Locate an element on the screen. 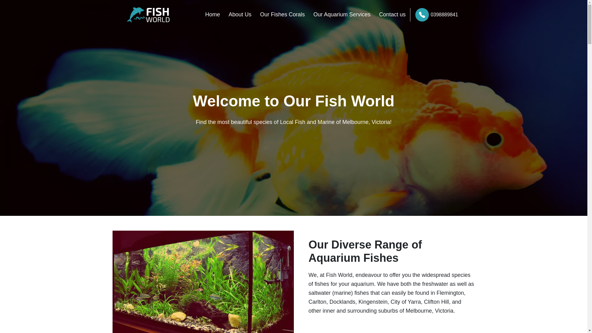 The width and height of the screenshot is (592, 333). 'Our Fishes Corals' is located at coordinates (282, 14).